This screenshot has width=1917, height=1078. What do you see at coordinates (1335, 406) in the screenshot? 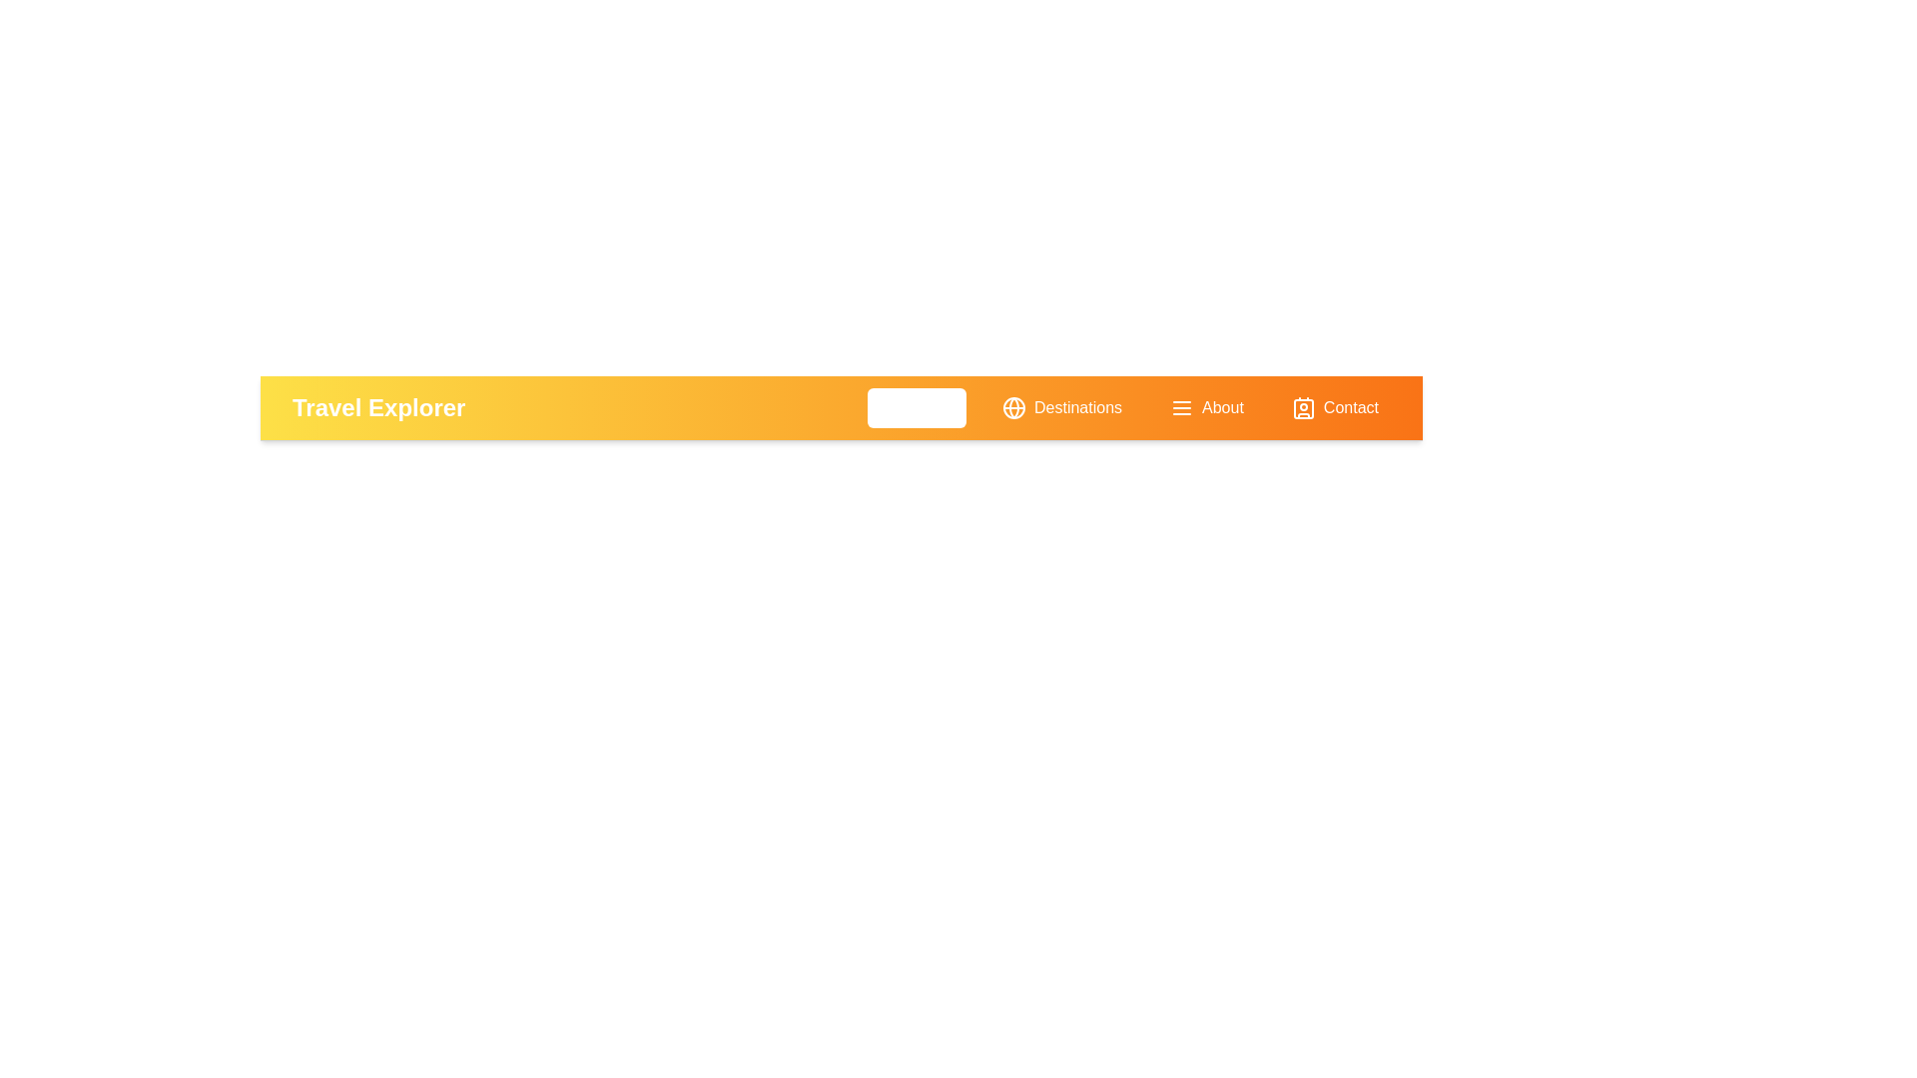
I see `the 'Contact' button, which is the rightmost item in the navigation menu with an orange background and white text` at bounding box center [1335, 406].